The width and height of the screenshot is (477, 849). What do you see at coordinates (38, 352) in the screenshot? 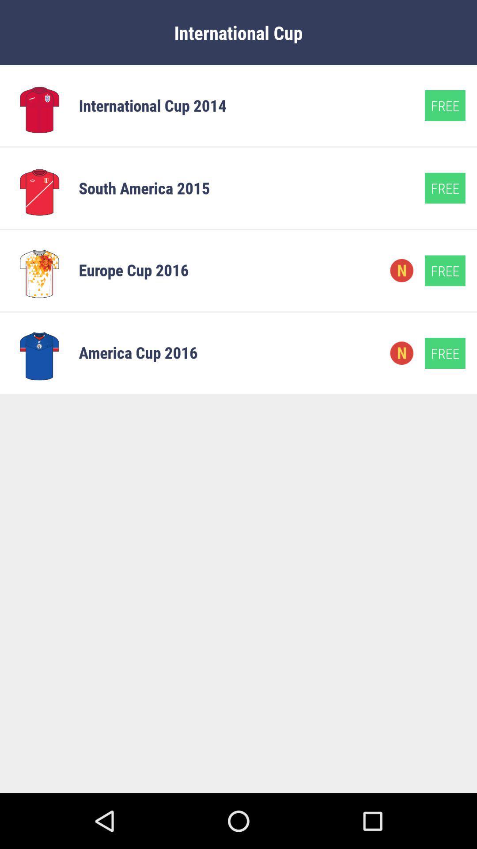
I see `the image on left to the text america cup 2016 on the web page` at bounding box center [38, 352].